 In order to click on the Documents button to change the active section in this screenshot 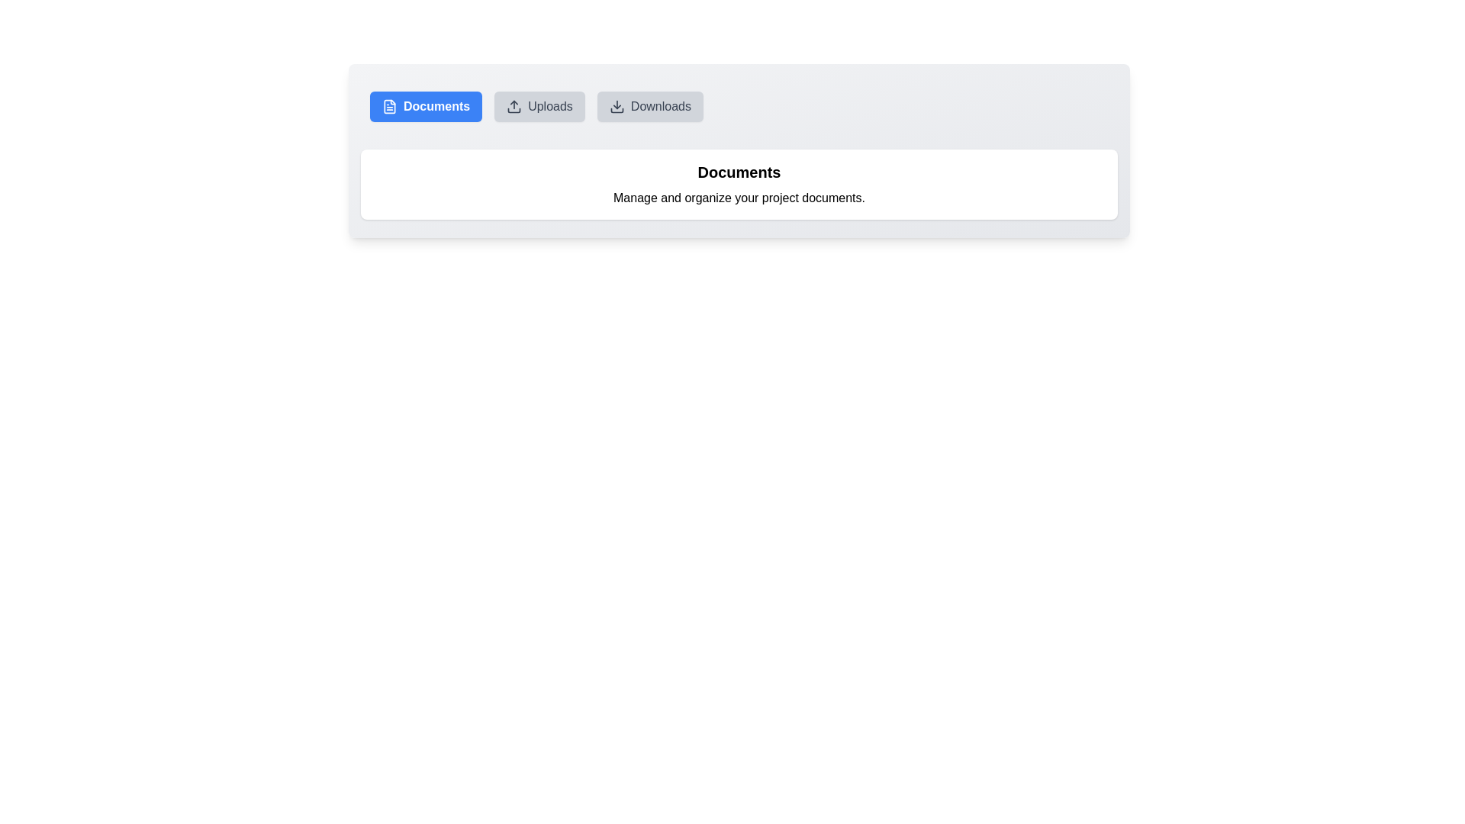, I will do `click(425, 105)`.